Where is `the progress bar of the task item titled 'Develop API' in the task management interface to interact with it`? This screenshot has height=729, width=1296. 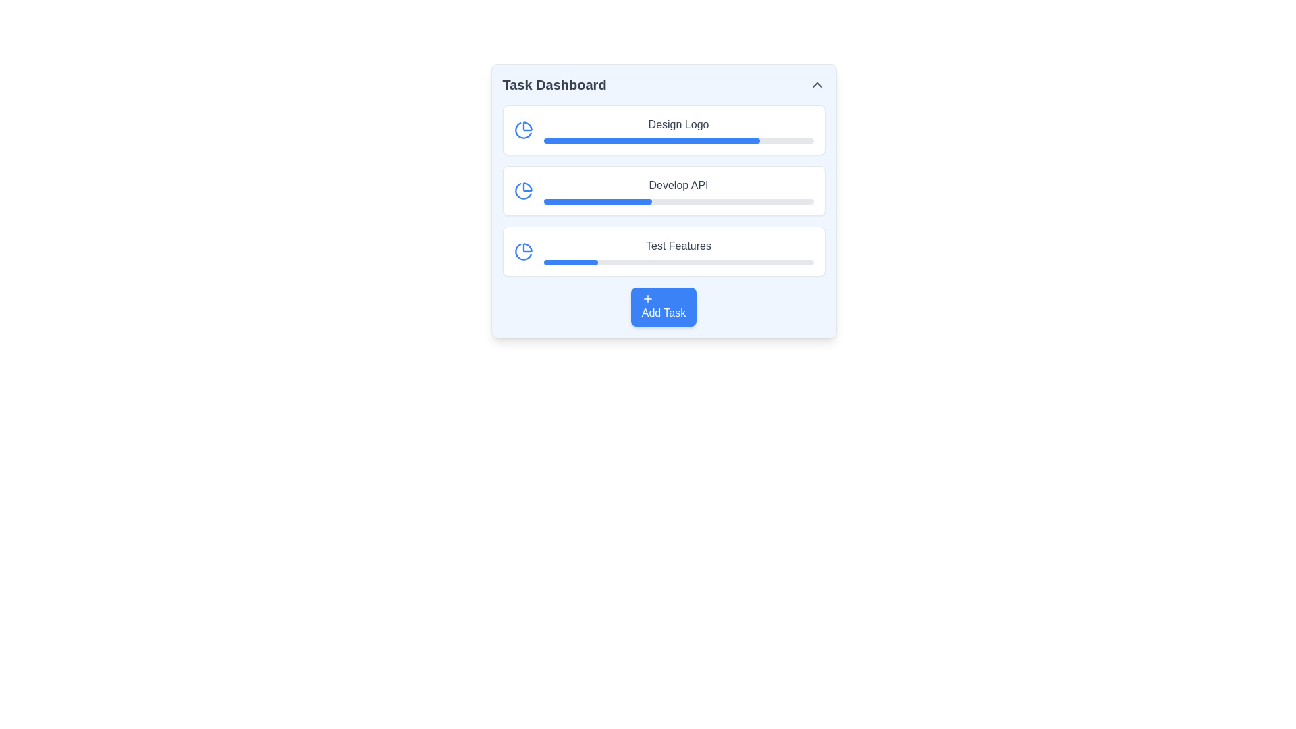
the progress bar of the task item titled 'Develop API' in the task management interface to interact with it is located at coordinates (678, 190).